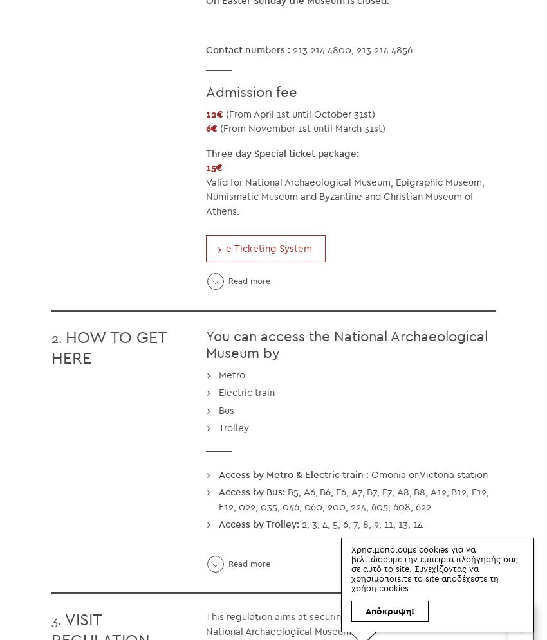 The image size is (547, 640). I want to click on '3.', so click(51, 619).